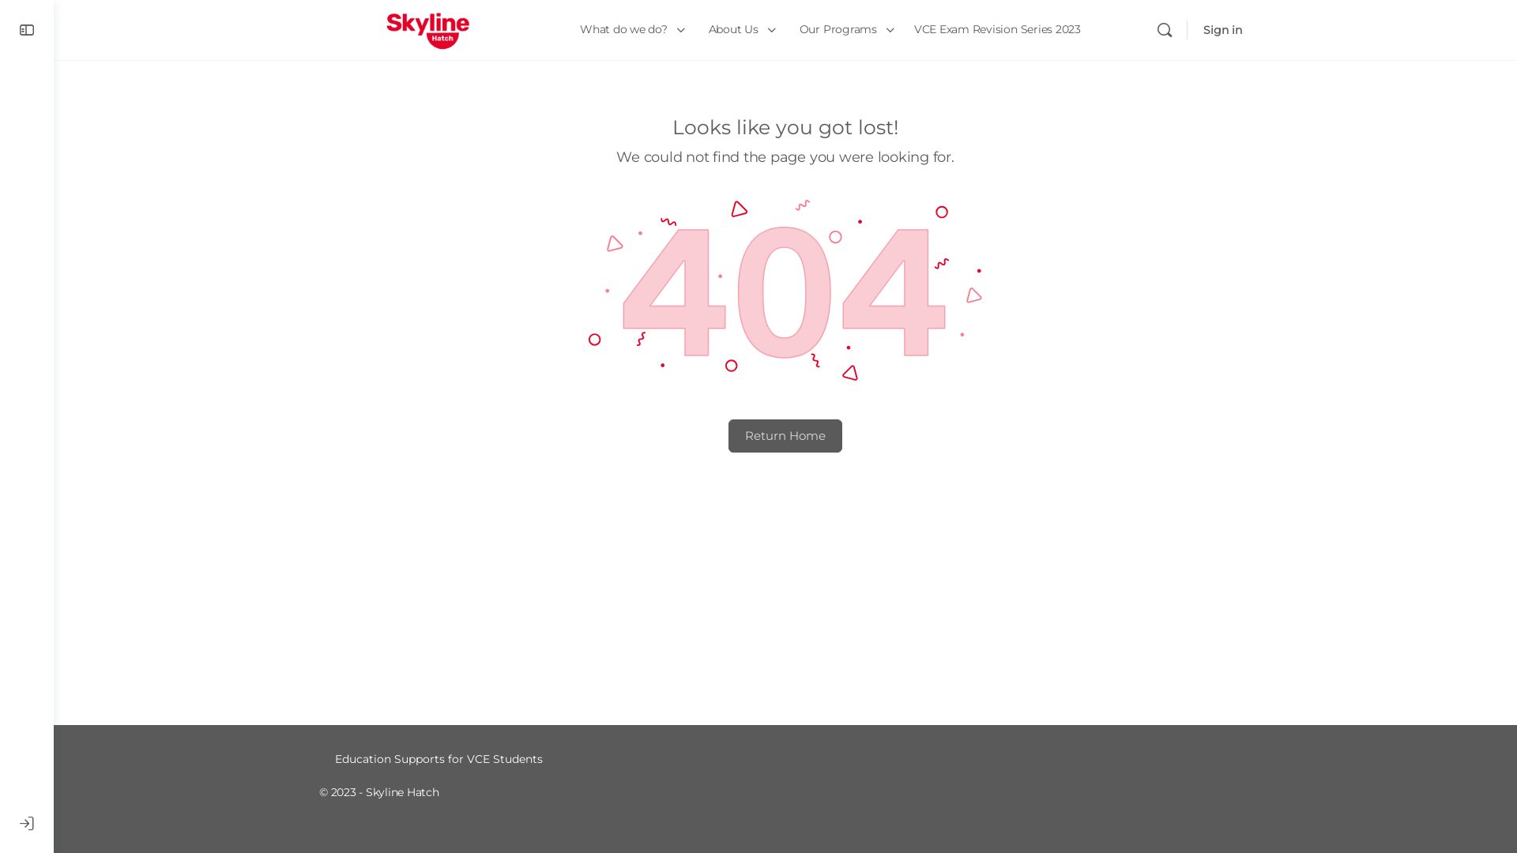  Describe the element at coordinates (739, 30) in the screenshot. I see `'About Us'` at that location.